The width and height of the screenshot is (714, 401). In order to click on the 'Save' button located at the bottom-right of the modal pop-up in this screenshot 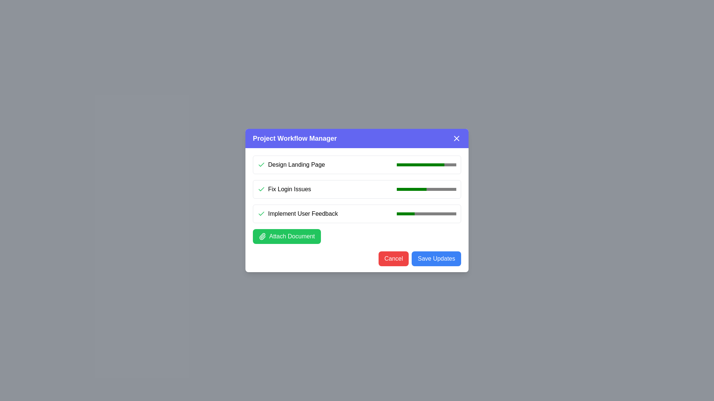, I will do `click(436, 258)`.